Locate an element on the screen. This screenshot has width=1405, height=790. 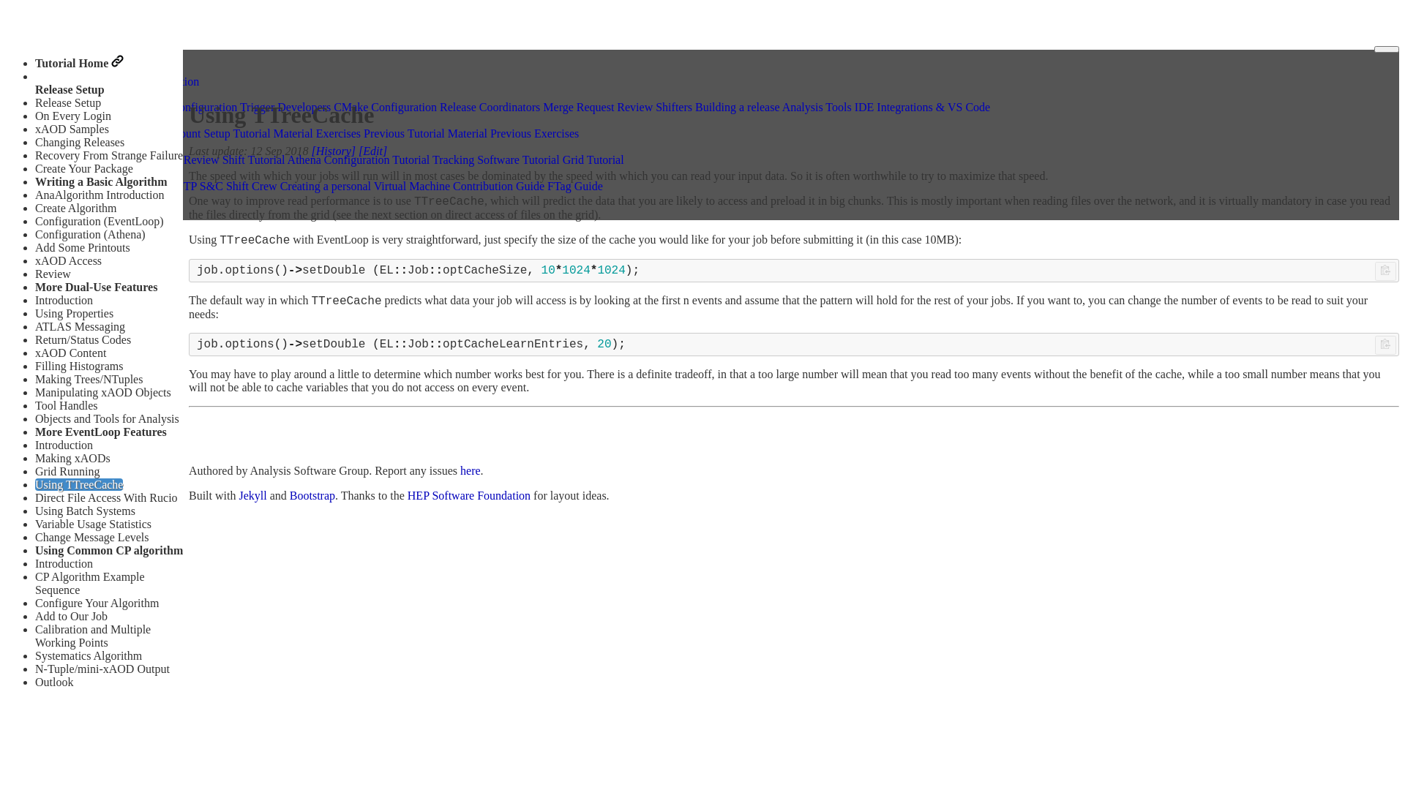
'Using Batch Systems' is located at coordinates (35, 510).